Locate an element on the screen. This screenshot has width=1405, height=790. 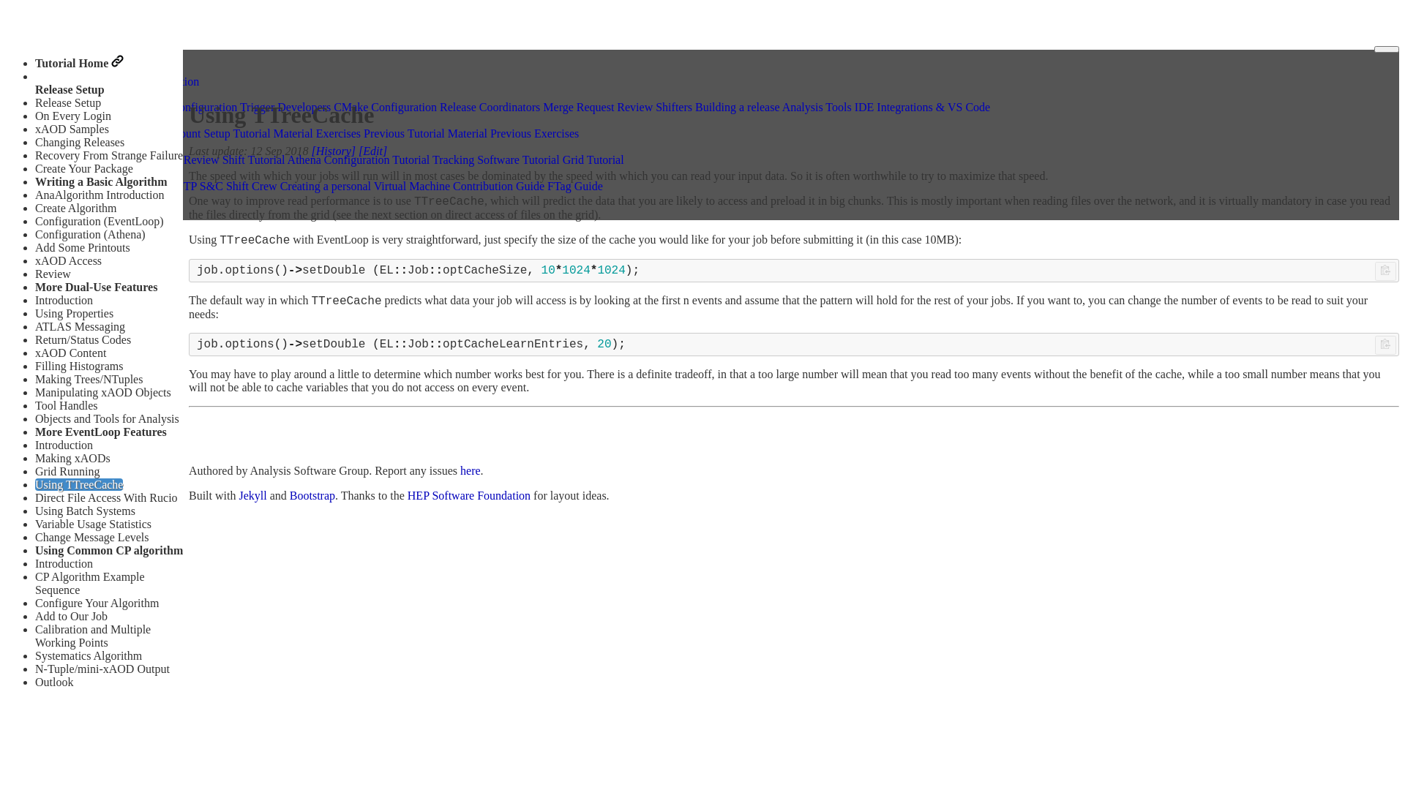
'Using Batch Systems' is located at coordinates (35, 510).